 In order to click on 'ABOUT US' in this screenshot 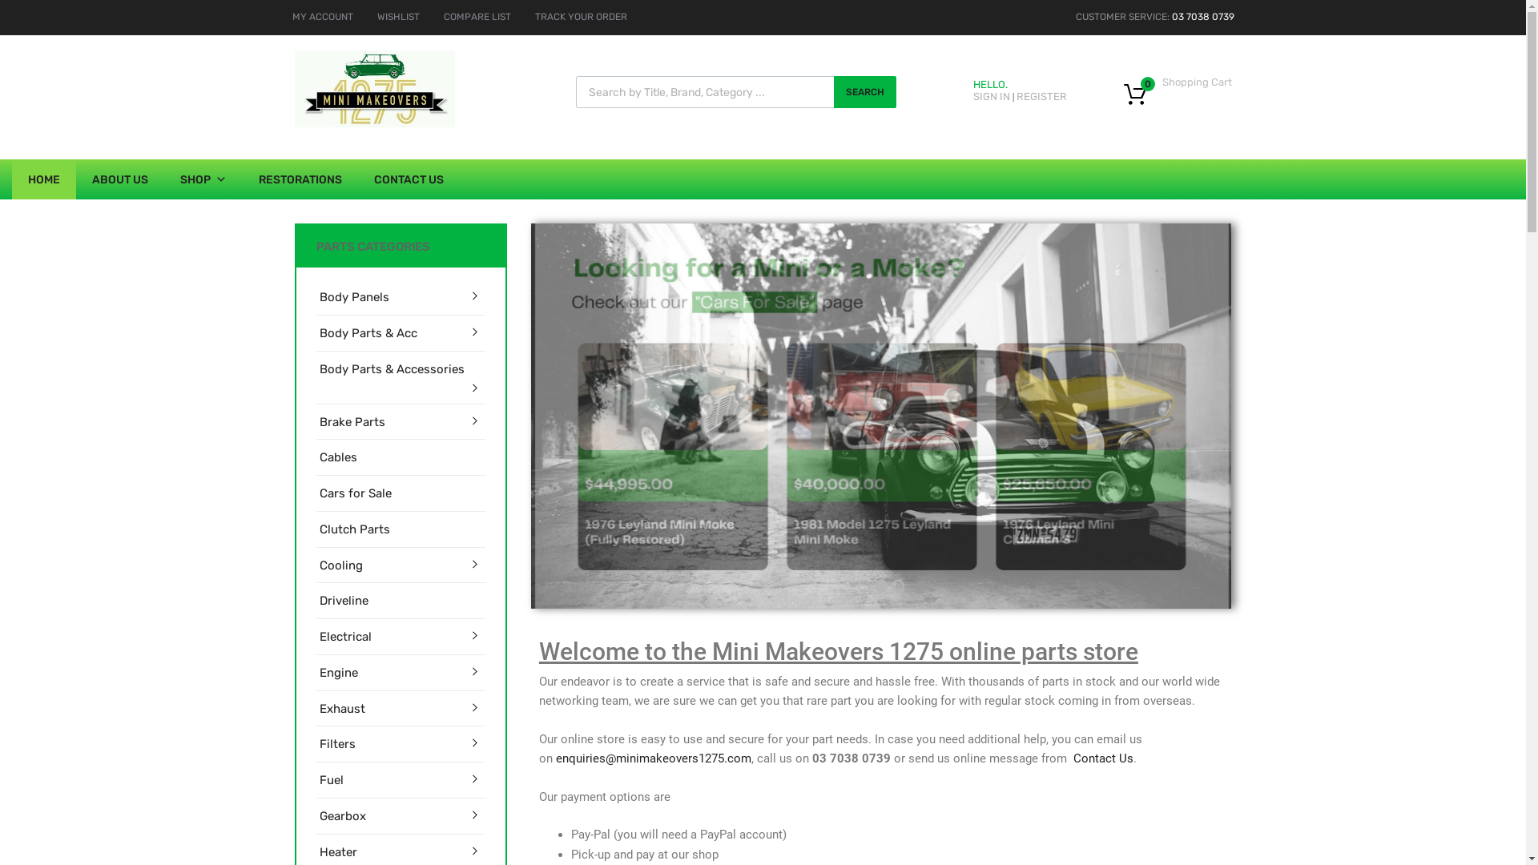, I will do `click(75, 179)`.